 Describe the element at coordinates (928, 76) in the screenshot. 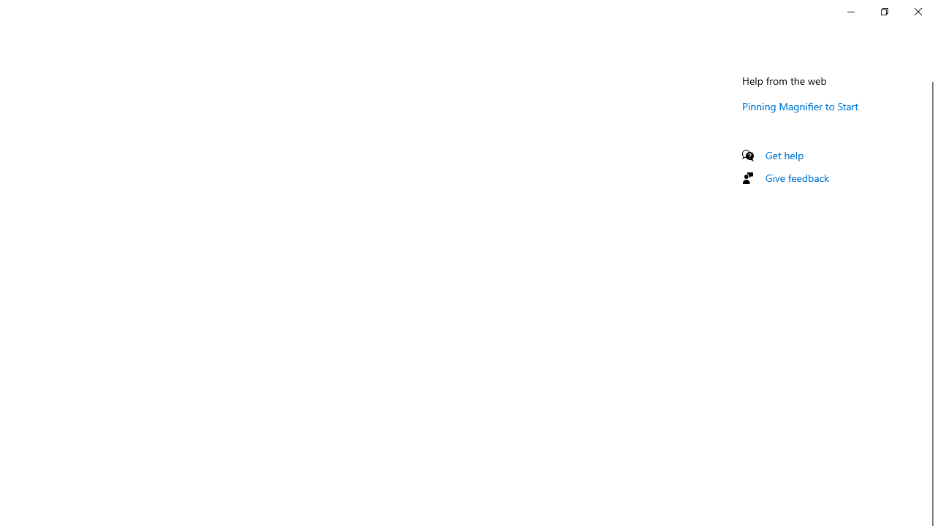

I see `'Vertical Small Decrease'` at that location.